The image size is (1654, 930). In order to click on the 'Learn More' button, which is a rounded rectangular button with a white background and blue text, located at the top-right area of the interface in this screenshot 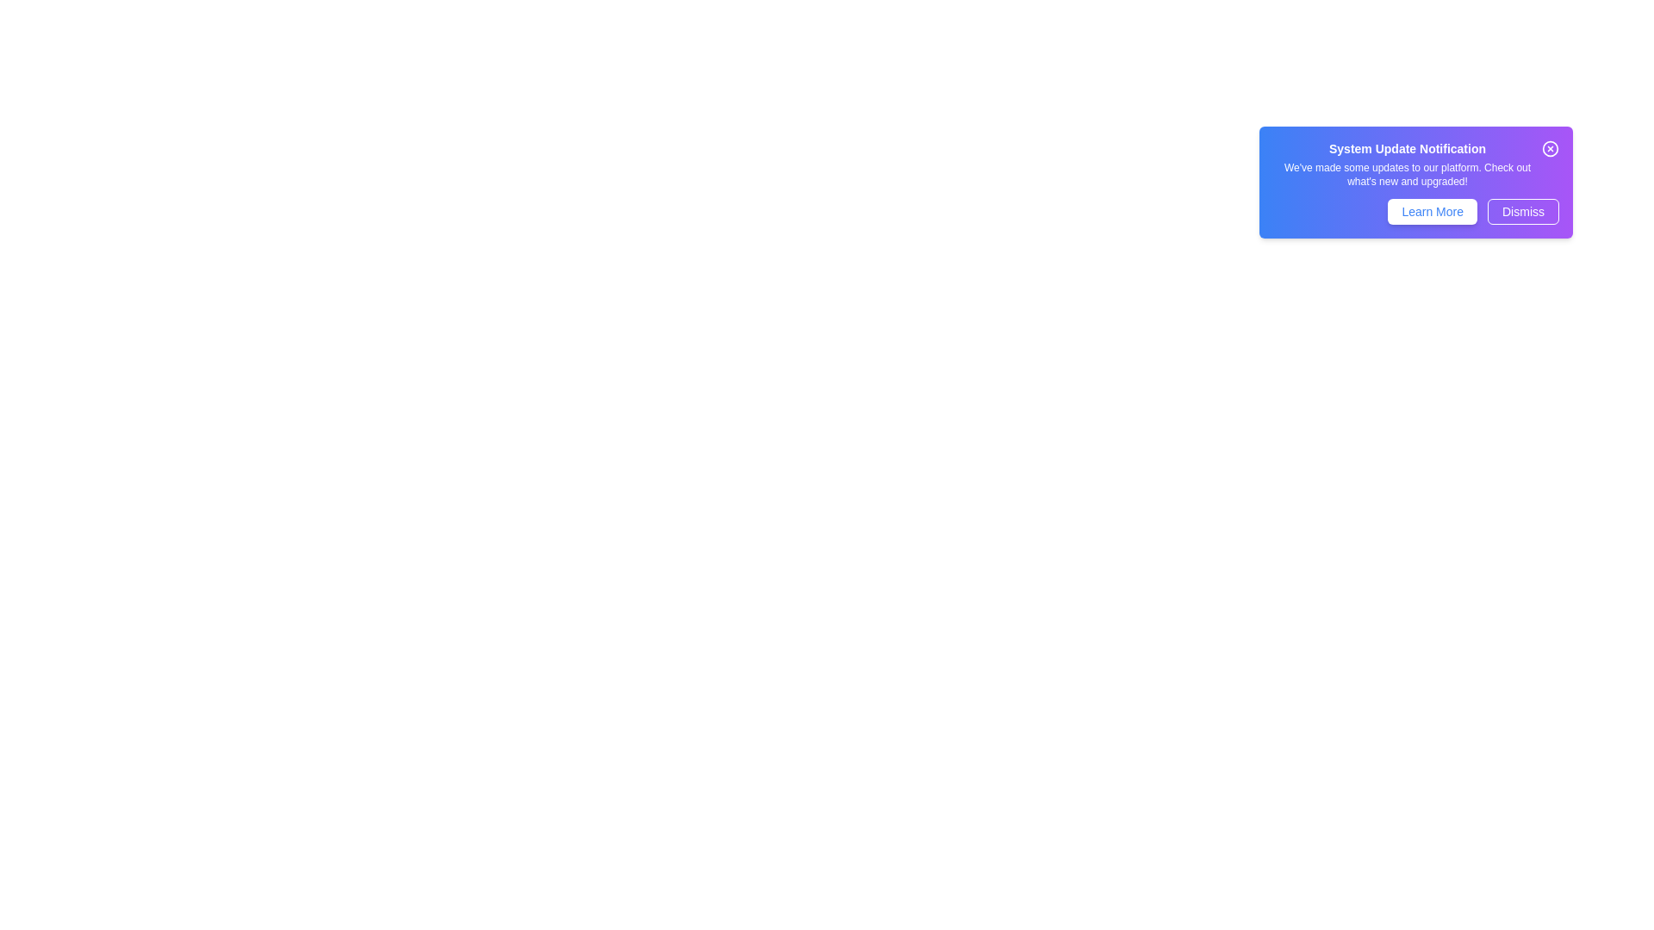, I will do `click(1433, 211)`.